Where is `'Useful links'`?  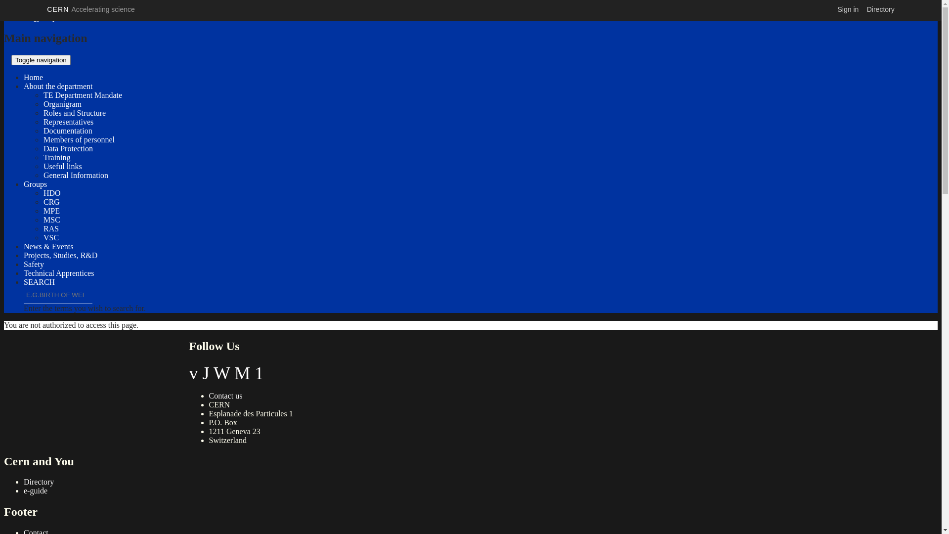
'Useful links' is located at coordinates (62, 166).